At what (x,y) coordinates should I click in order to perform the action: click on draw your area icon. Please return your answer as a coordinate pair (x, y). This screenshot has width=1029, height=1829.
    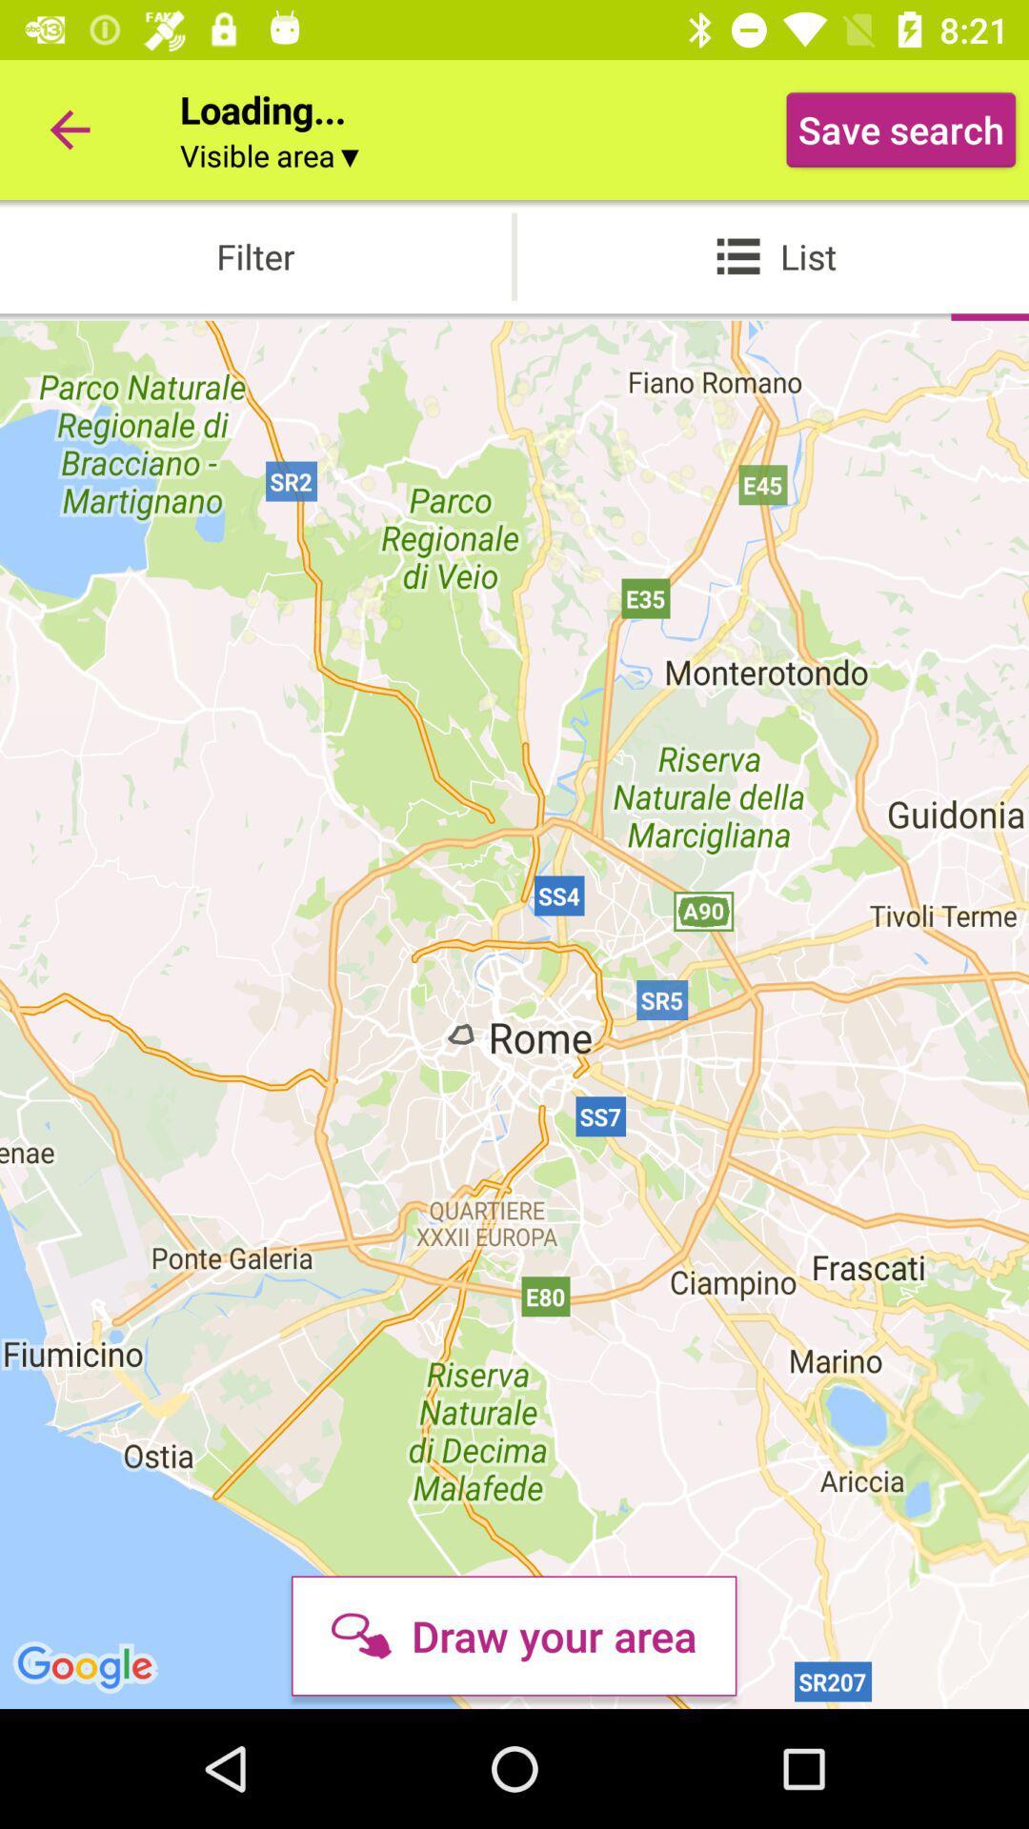
    Looking at the image, I should click on (513, 1635).